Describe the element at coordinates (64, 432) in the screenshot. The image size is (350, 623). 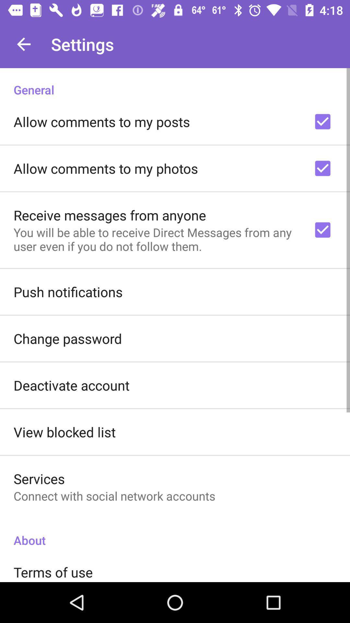
I see `item above the services item` at that location.